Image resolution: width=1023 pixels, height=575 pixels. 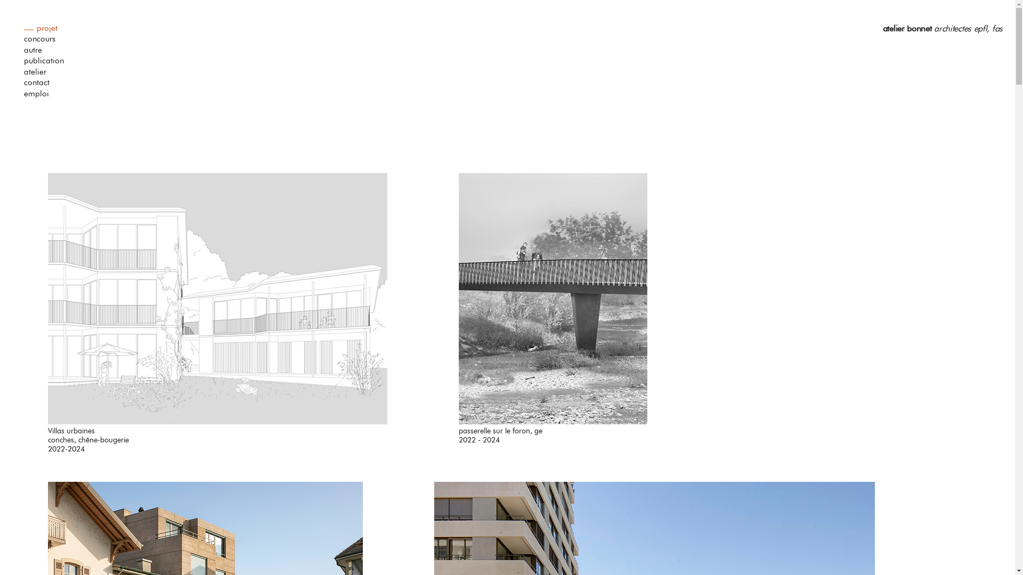 What do you see at coordinates (56, 28) in the screenshot?
I see `'projet'` at bounding box center [56, 28].